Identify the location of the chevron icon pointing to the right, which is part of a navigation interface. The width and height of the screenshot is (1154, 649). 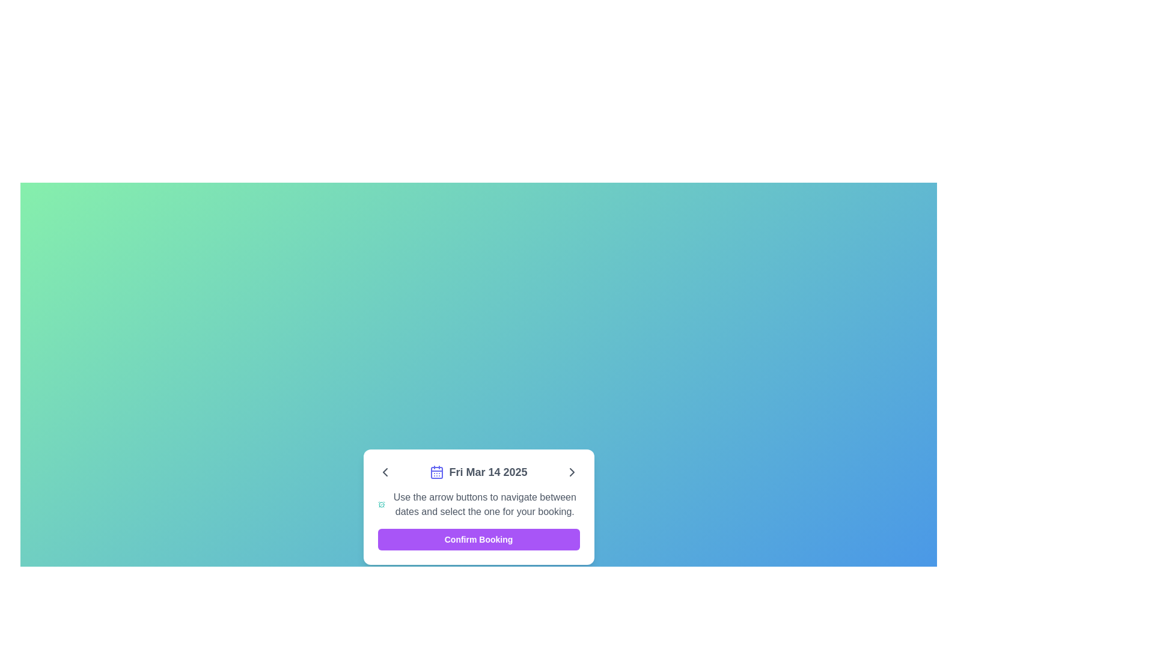
(572, 472).